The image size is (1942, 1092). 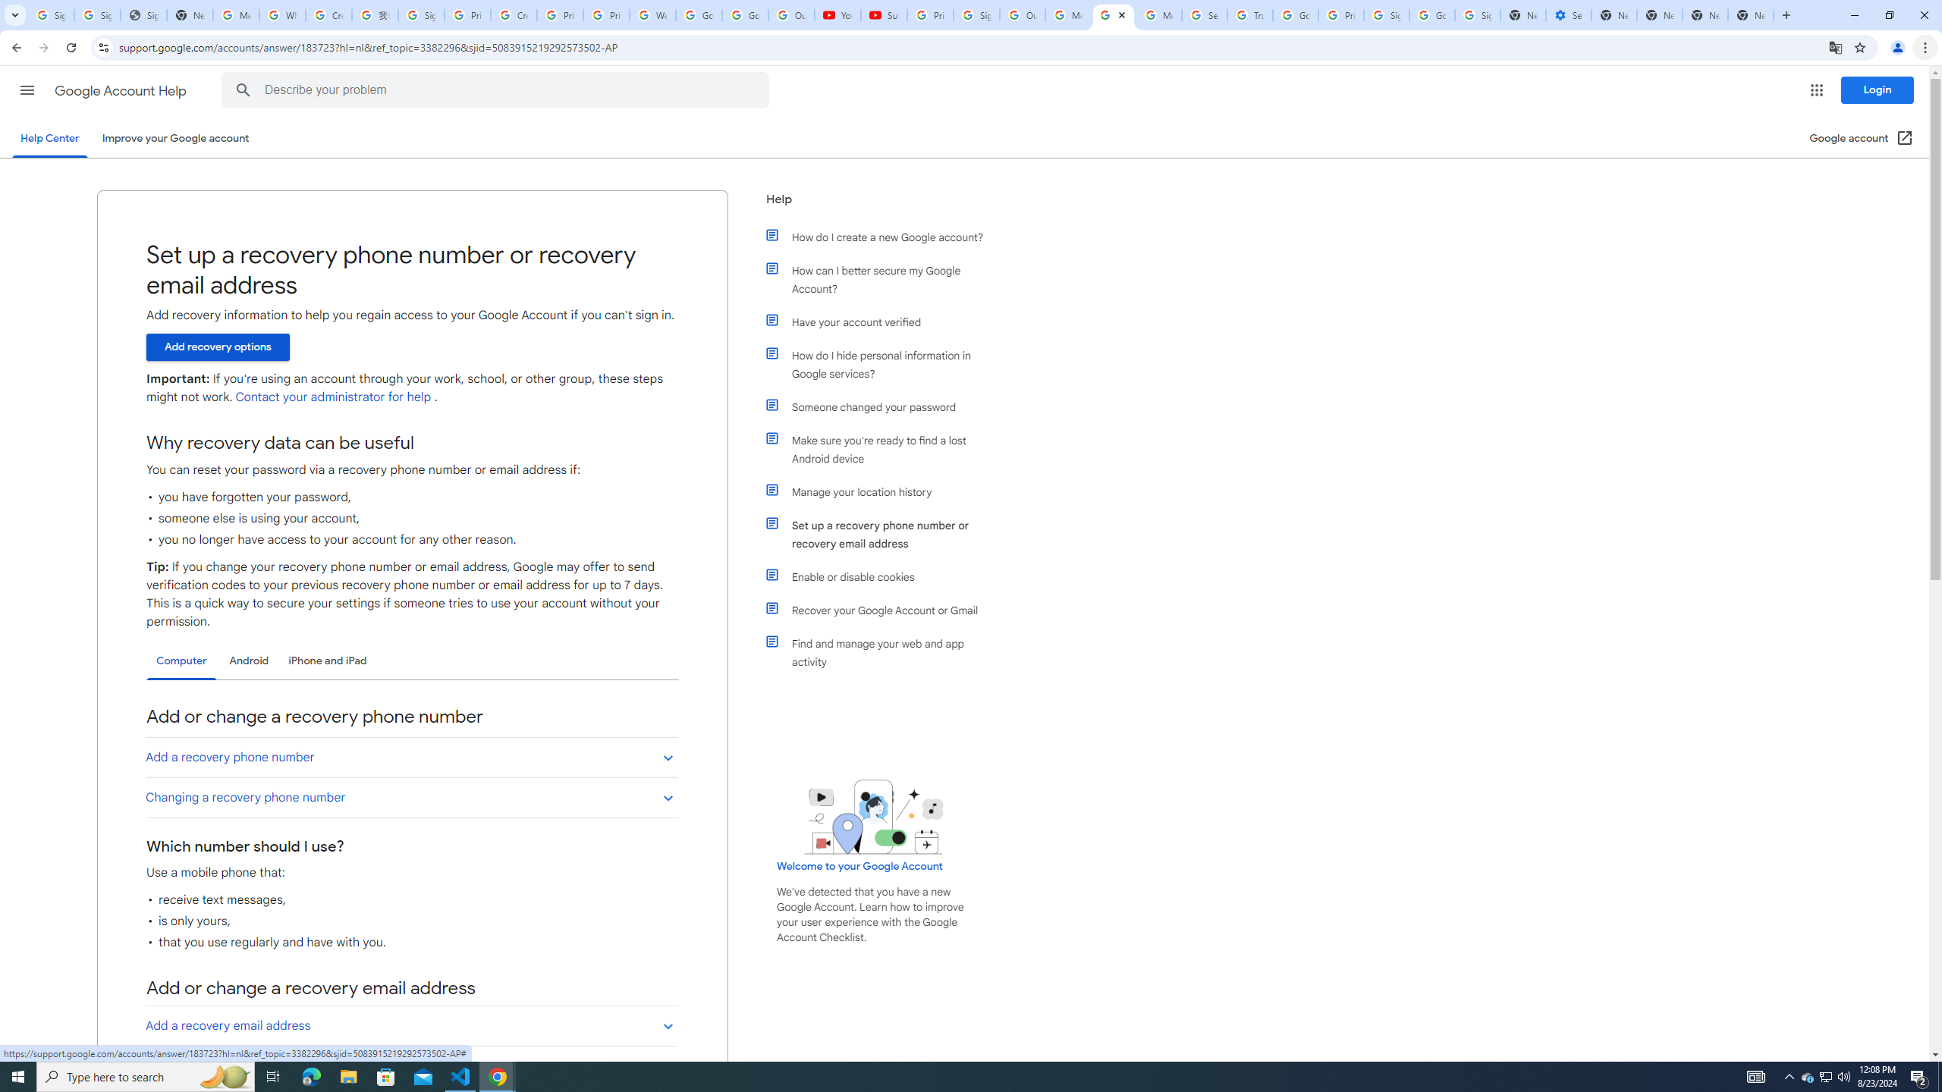 What do you see at coordinates (121, 90) in the screenshot?
I see `'Google Account Help'` at bounding box center [121, 90].